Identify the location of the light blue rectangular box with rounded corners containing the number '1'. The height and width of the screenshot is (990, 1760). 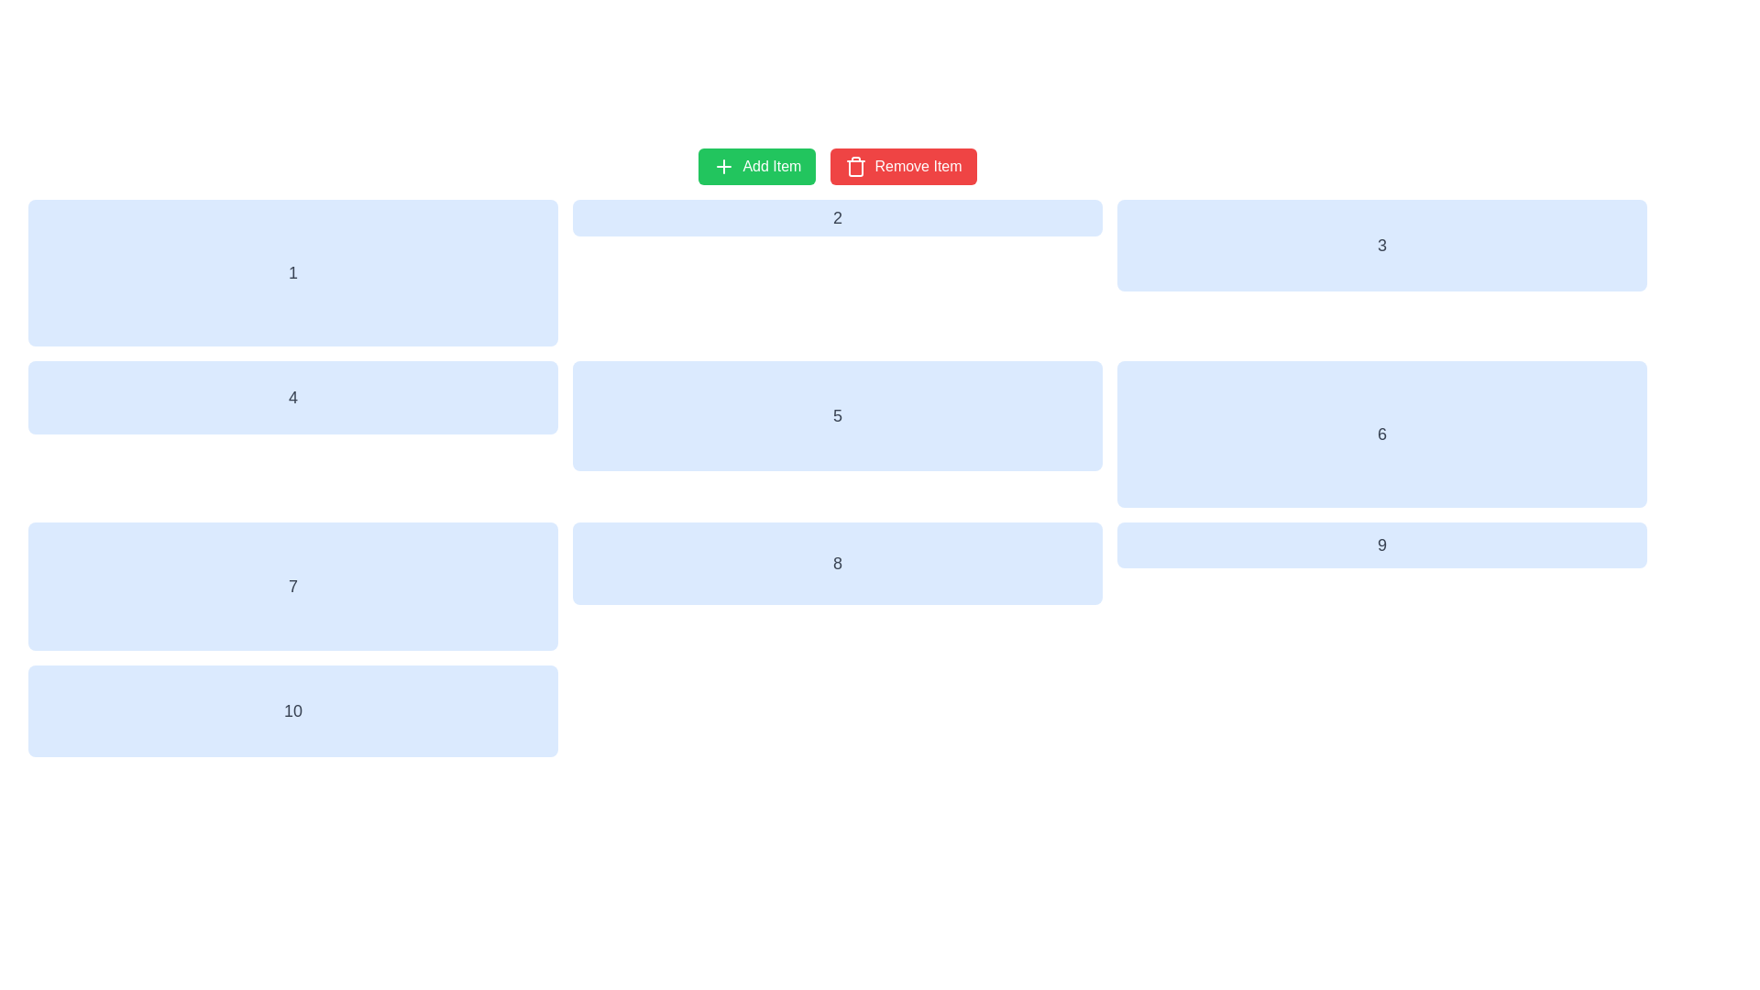
(293, 272).